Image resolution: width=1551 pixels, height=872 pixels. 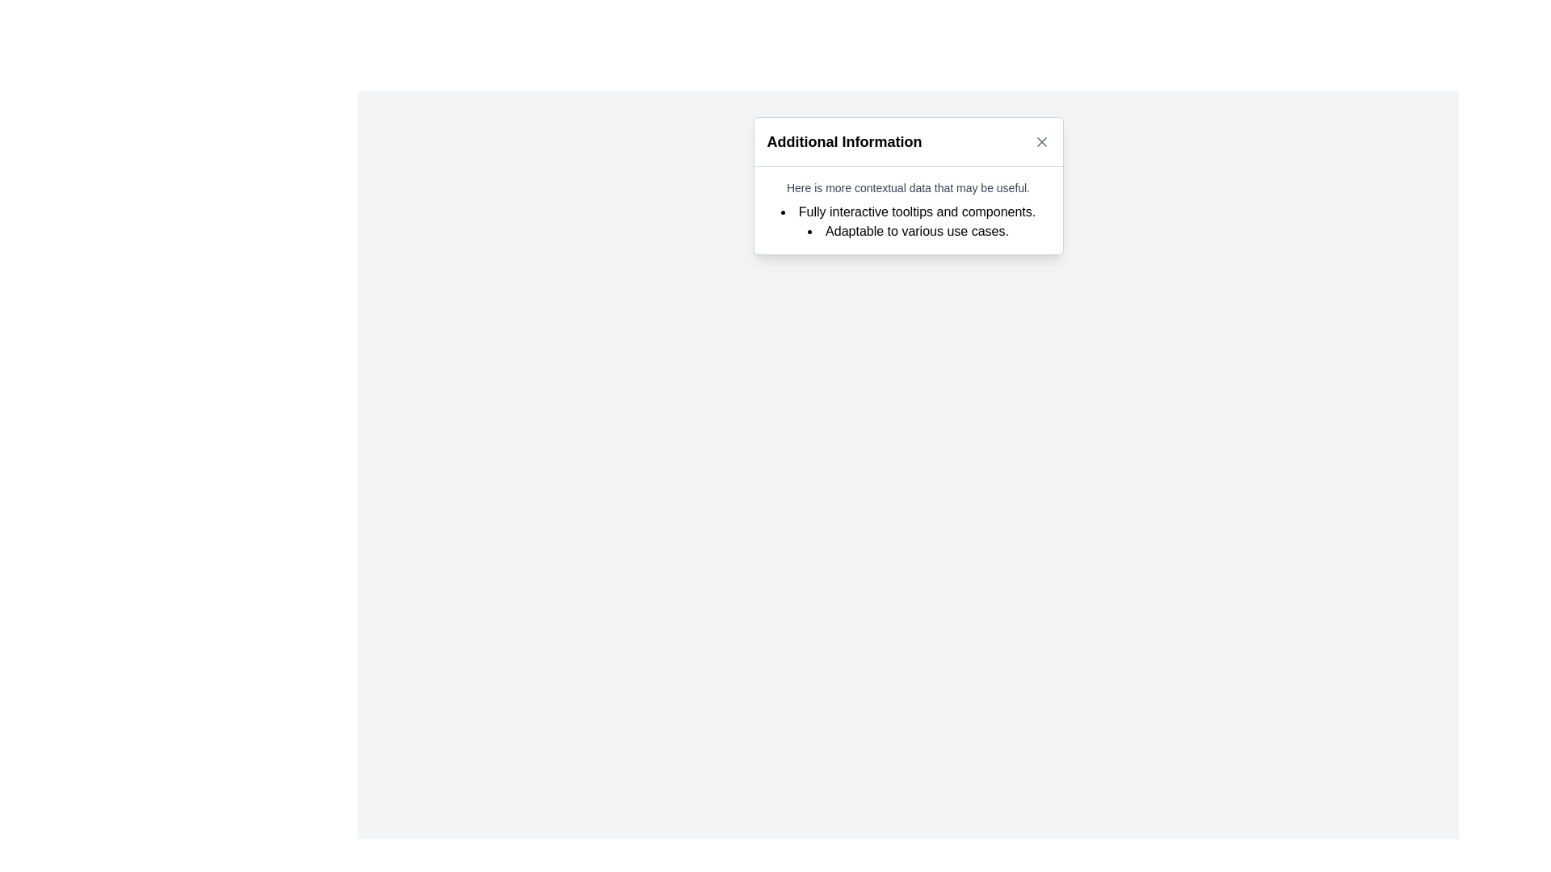 What do you see at coordinates (908, 231) in the screenshot?
I see `the static text element that provides descriptive information, which is the second bullet point item in the list below 'Fully interactive tooltips and components.'` at bounding box center [908, 231].